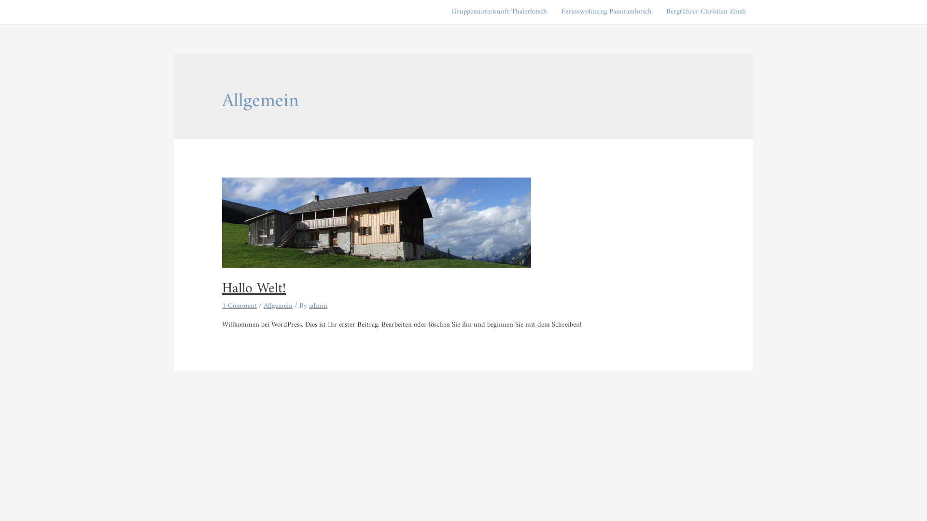 The image size is (927, 521). I want to click on 'Hallo Welt!', so click(222, 288).